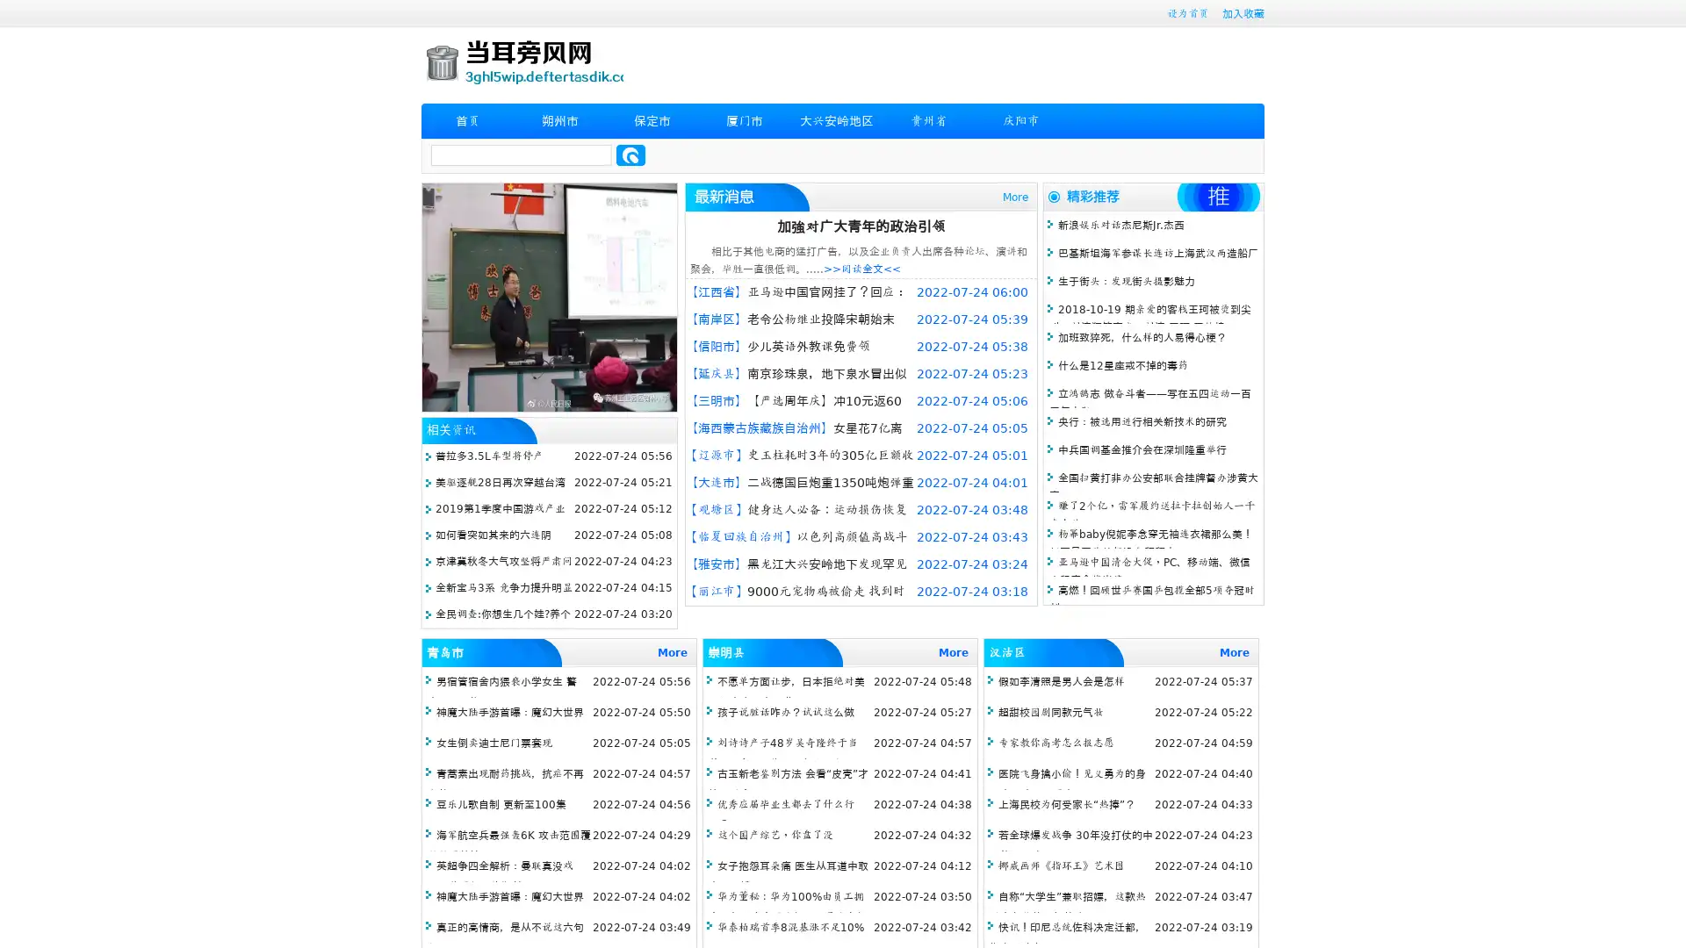 The height and width of the screenshot is (948, 1686). I want to click on Search, so click(630, 154).